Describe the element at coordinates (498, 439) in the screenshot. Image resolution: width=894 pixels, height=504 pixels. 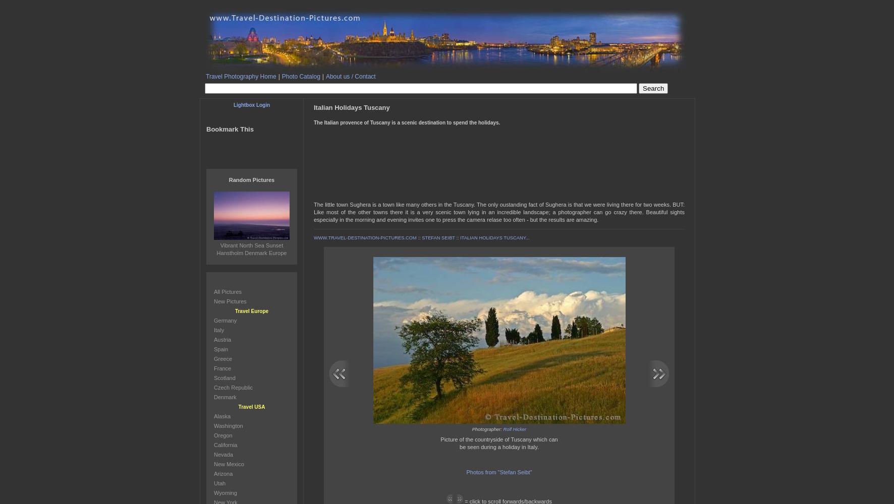
I see `'Picture of the countryside of Tuscany which can'` at that location.